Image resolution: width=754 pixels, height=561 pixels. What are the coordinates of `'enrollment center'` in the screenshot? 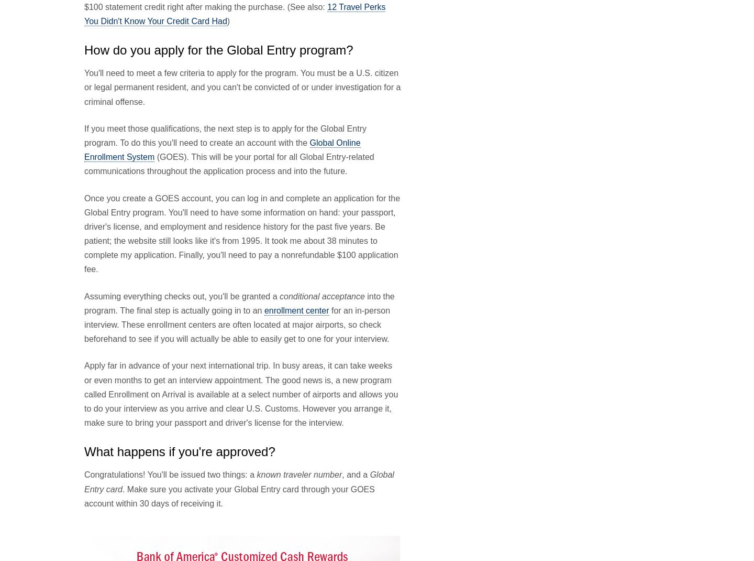 It's located at (263, 309).